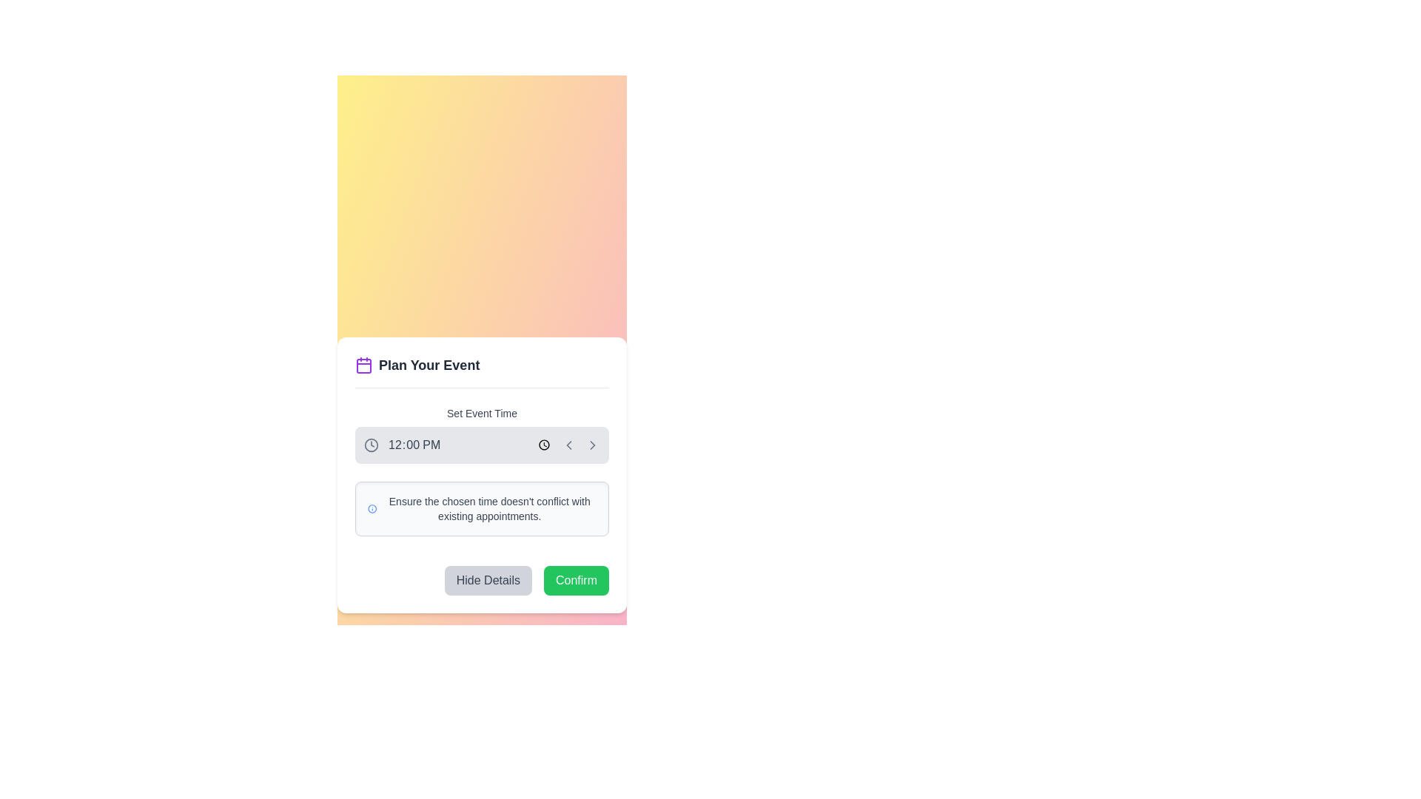 The height and width of the screenshot is (799, 1421). I want to click on the time decrement button located to the left of the right-facing chevron icon in the 'Set Event Time' section, so click(568, 444).